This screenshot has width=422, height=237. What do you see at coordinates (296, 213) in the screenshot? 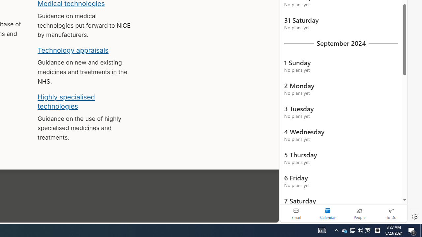
I see `'Email'` at bounding box center [296, 213].